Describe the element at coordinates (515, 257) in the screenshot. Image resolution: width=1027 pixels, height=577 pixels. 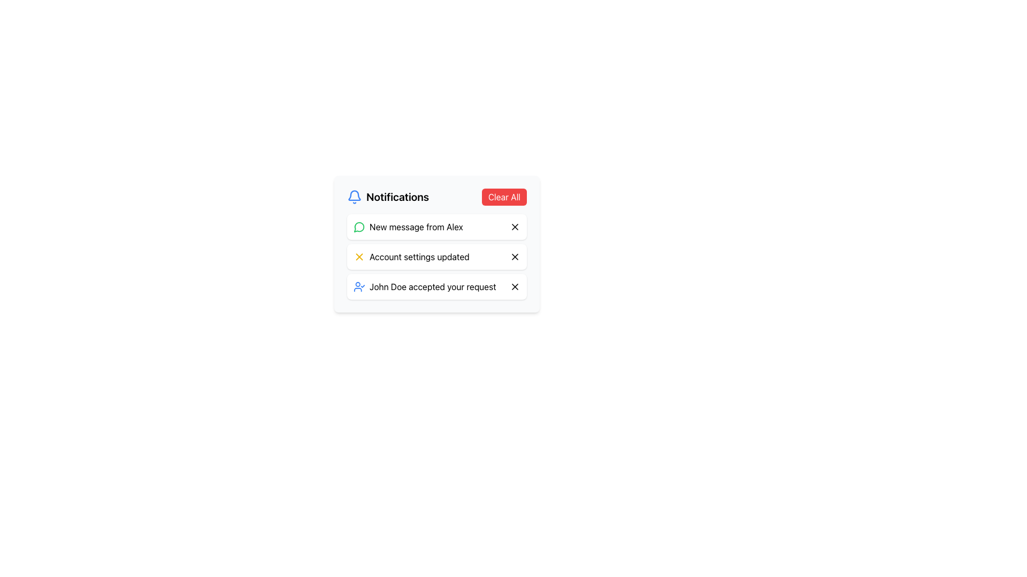
I see `the close button (small square icon with an 'X' symbol) located in the top-right area of the notification that states 'Account settings updated'` at that location.